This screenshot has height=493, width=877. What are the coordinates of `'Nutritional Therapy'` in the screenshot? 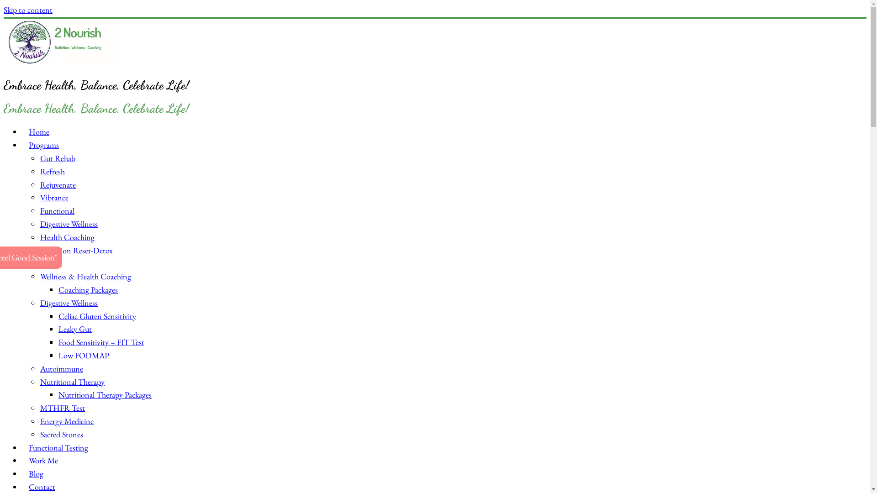 It's located at (72, 382).